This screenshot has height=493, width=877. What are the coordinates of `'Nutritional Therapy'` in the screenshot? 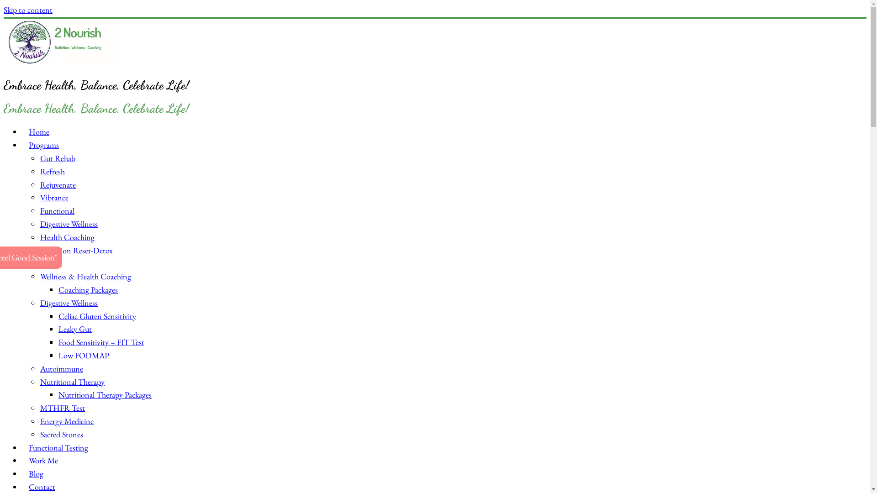 It's located at (72, 382).